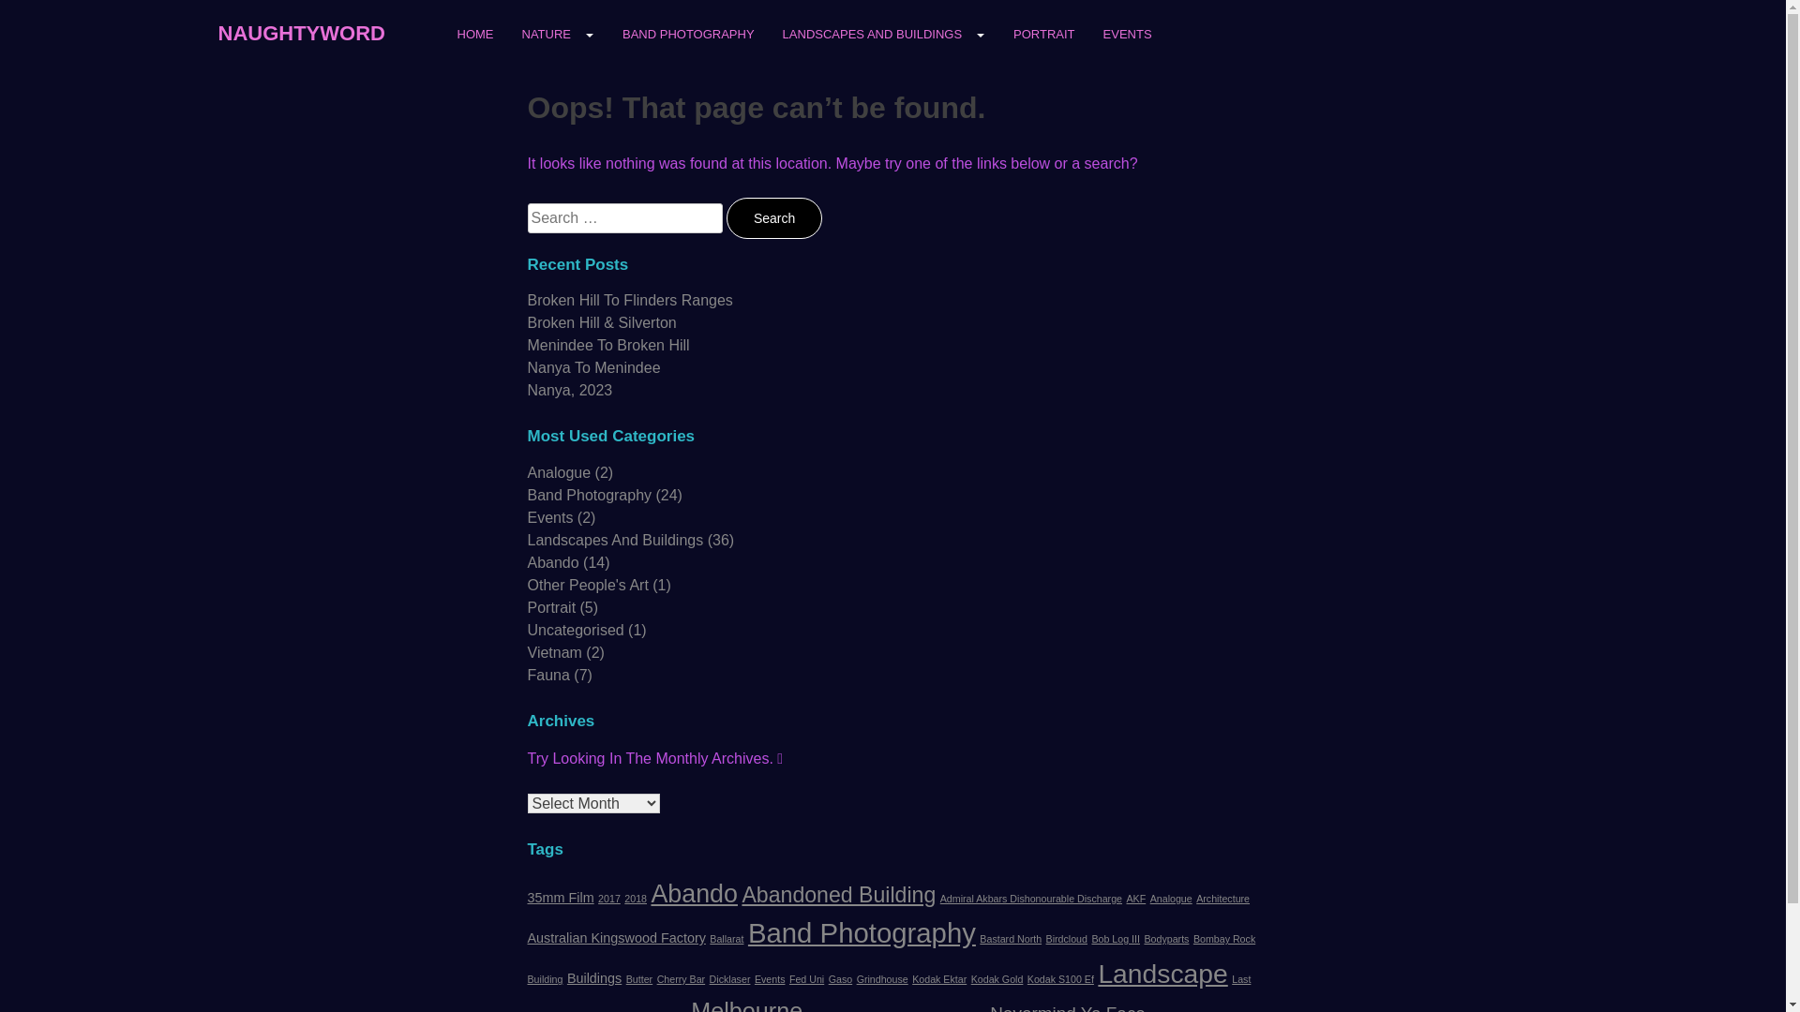 Image resolution: width=1800 pixels, height=1012 pixels. What do you see at coordinates (608, 898) in the screenshot?
I see `'2017'` at bounding box center [608, 898].